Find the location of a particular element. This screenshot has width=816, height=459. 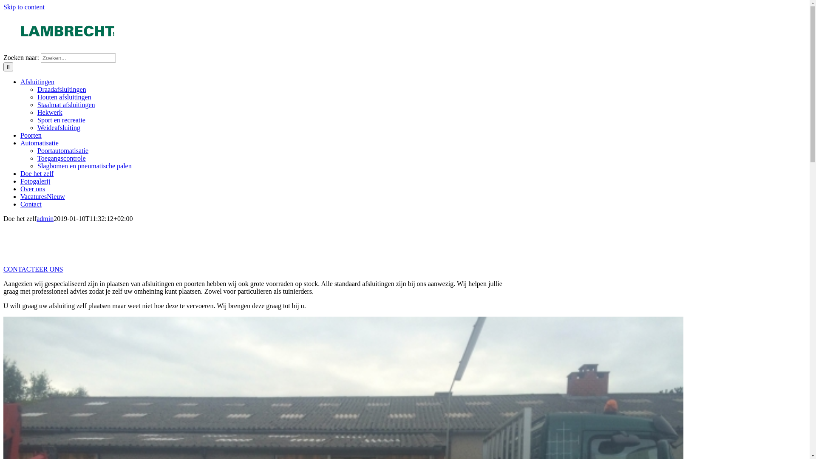

'Hekwerk' is located at coordinates (49, 112).